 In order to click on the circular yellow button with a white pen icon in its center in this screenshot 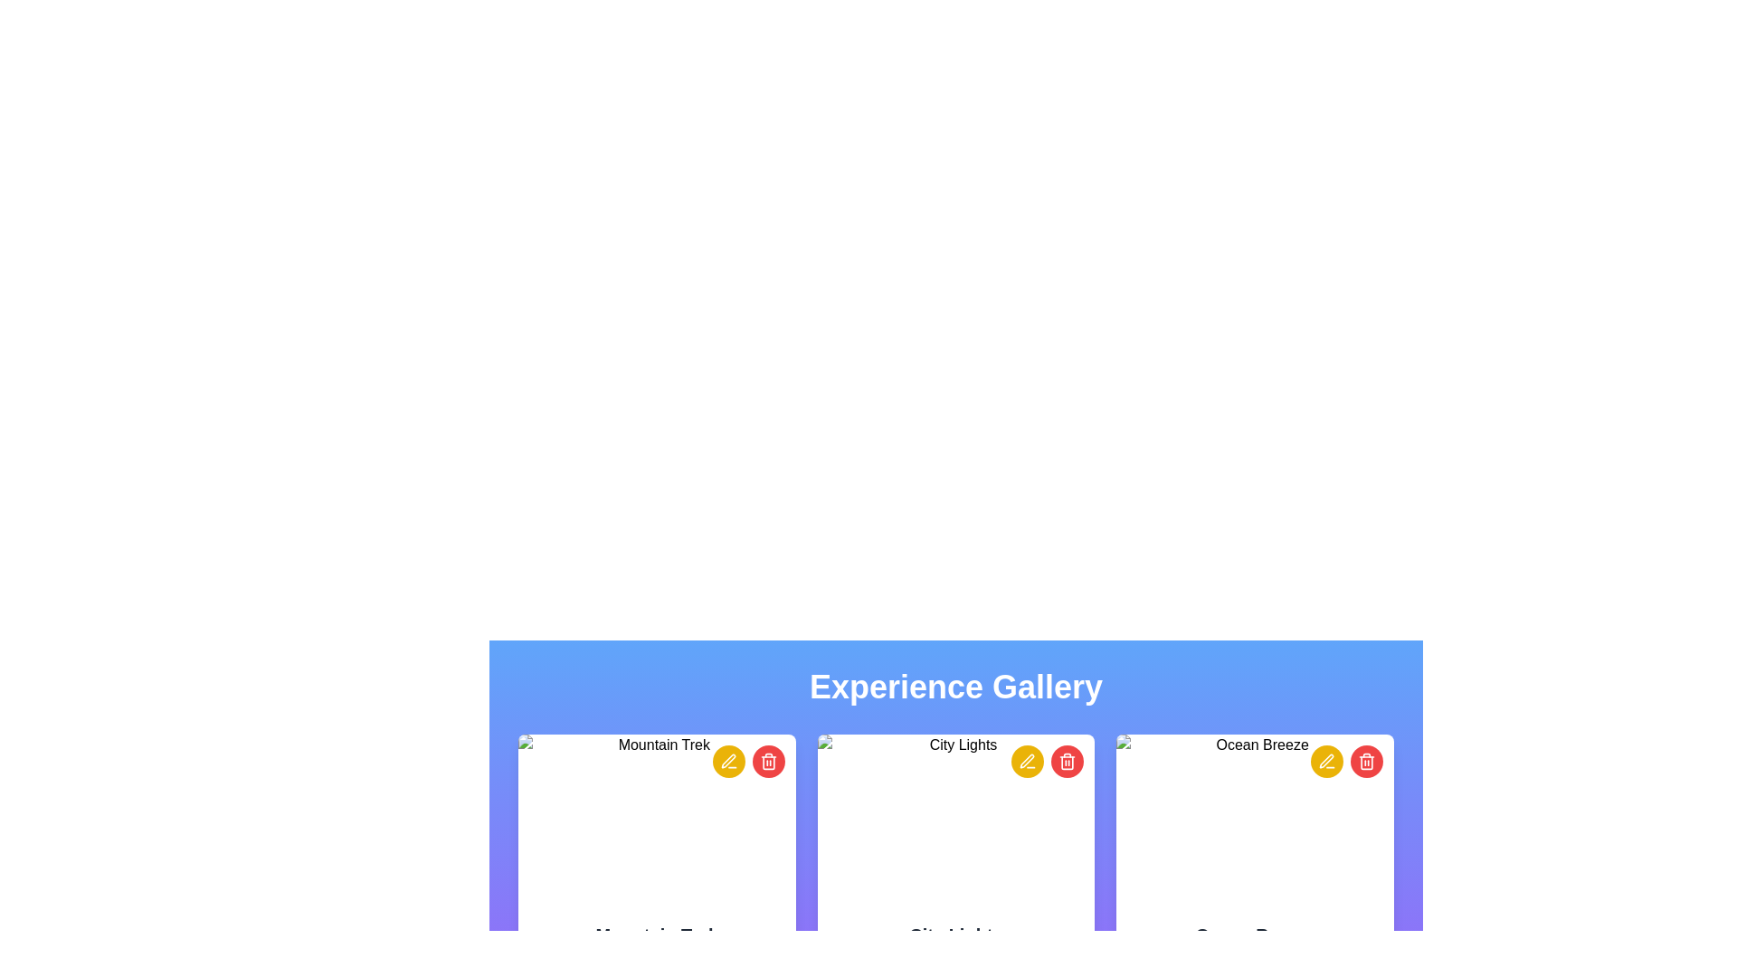, I will do `click(728, 761)`.